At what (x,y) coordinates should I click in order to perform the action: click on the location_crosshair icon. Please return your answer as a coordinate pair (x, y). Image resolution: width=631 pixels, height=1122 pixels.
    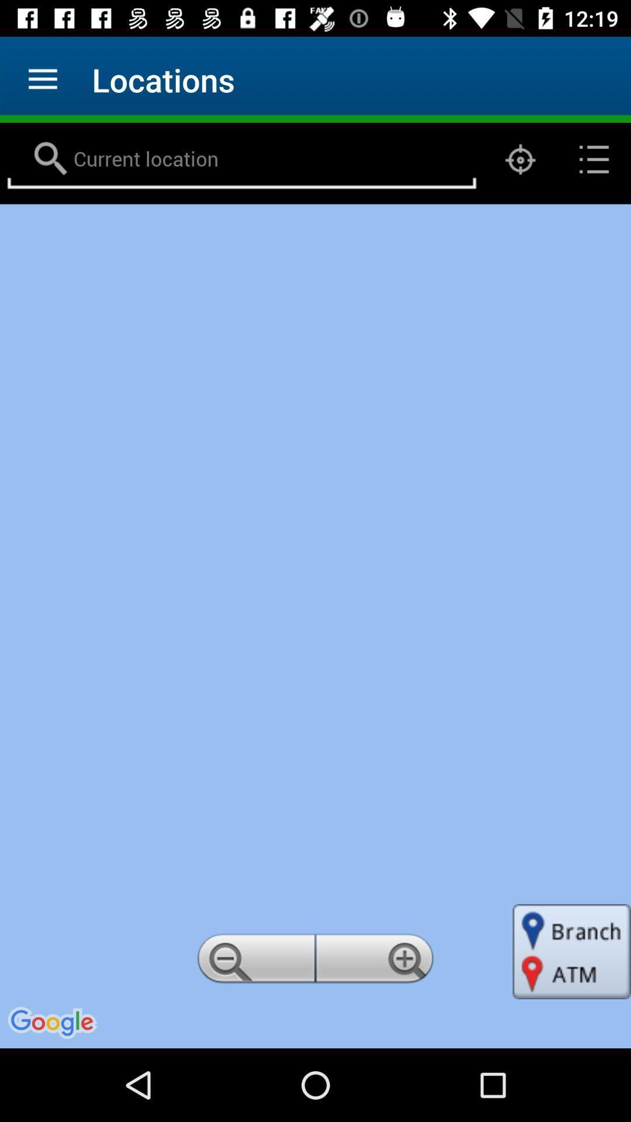
    Looking at the image, I should click on (520, 159).